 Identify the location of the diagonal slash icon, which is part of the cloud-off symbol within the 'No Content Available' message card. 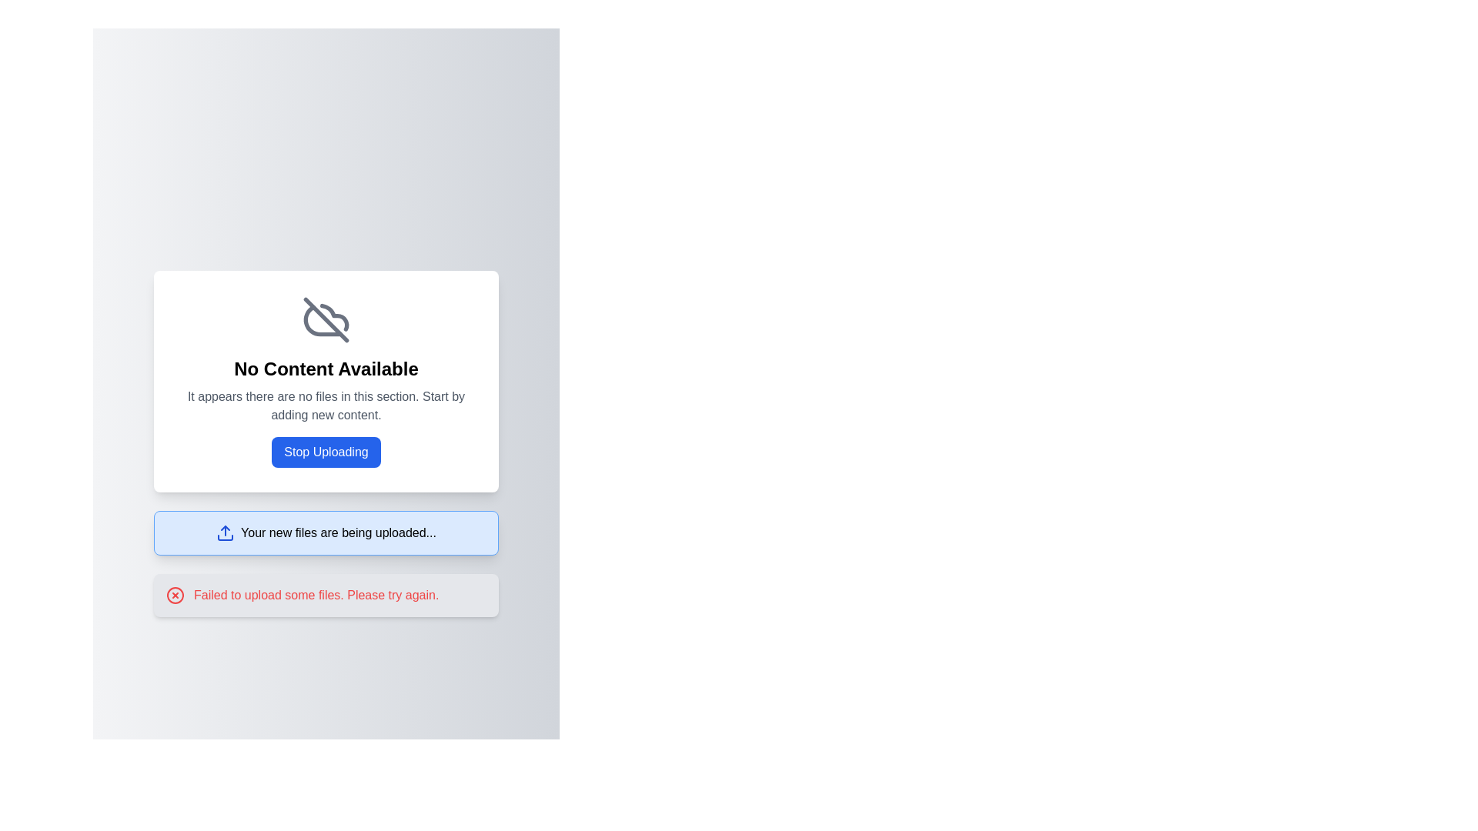
(325, 319).